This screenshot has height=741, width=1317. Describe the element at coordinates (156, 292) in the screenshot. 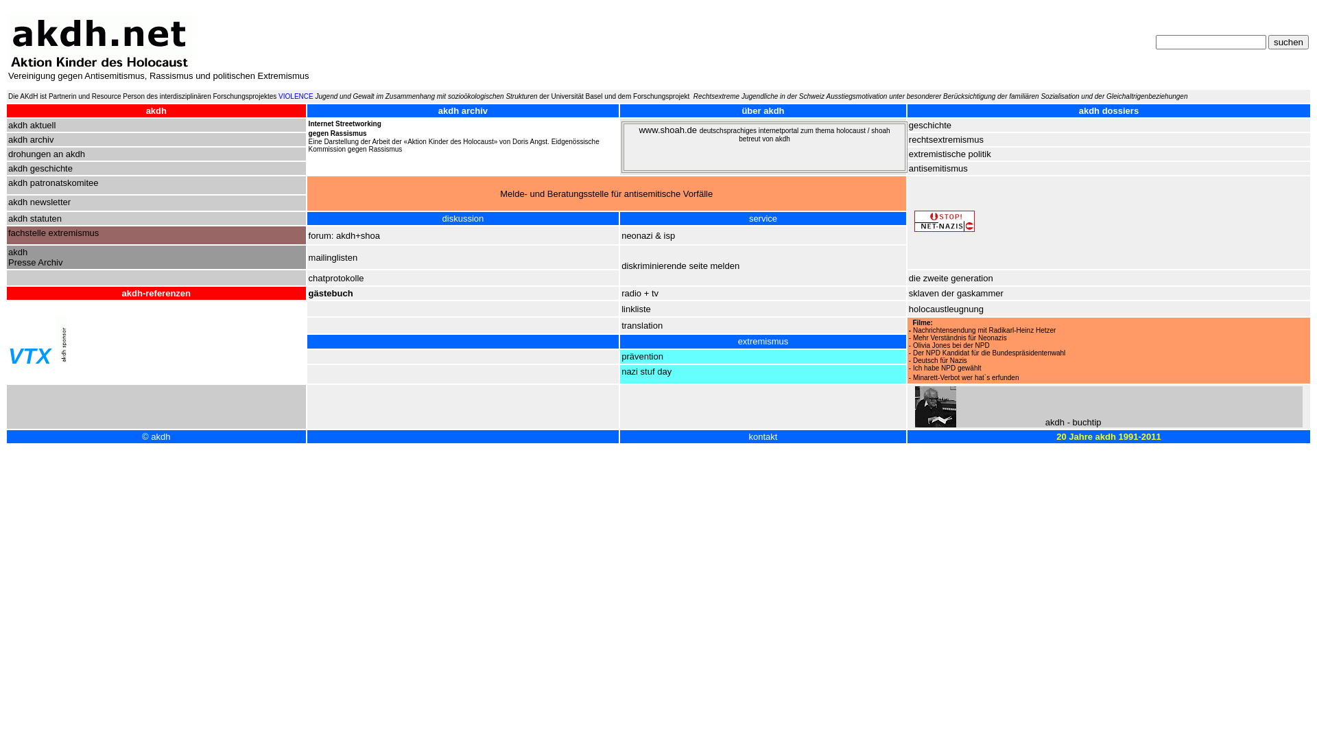

I see `'akdh-referenzen'` at that location.